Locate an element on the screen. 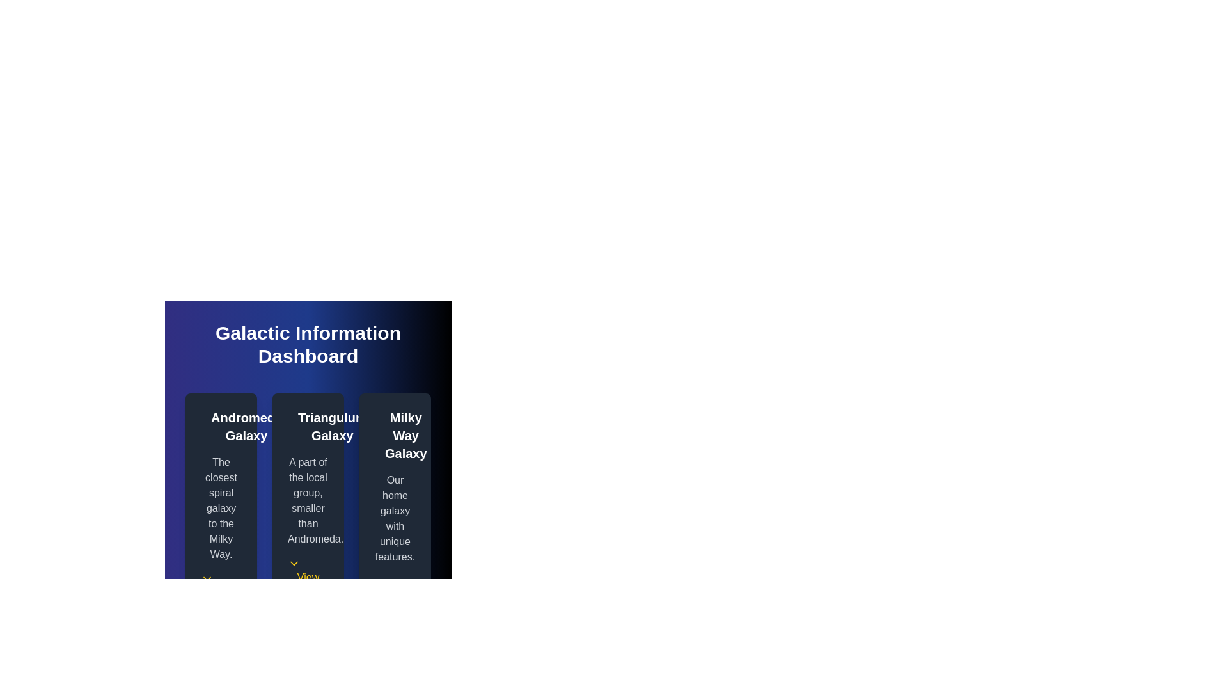 The height and width of the screenshot is (691, 1228). displayed information on the Interactive information card about the Andromeda Galaxy, which is the leftmost card in a grid layout is located at coordinates (221, 512).